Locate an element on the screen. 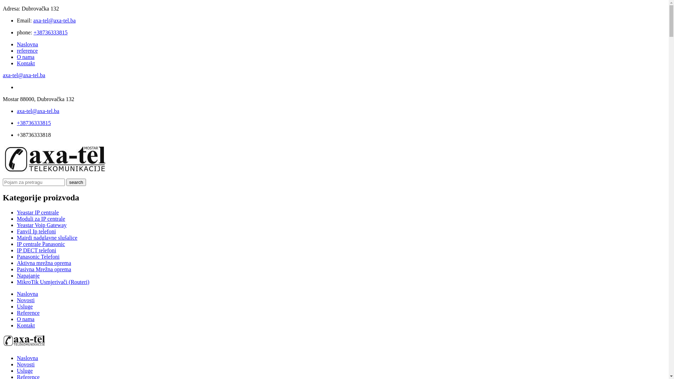 This screenshot has height=379, width=674. 'axa-tel@axa-tel.ba' is located at coordinates (38, 111).